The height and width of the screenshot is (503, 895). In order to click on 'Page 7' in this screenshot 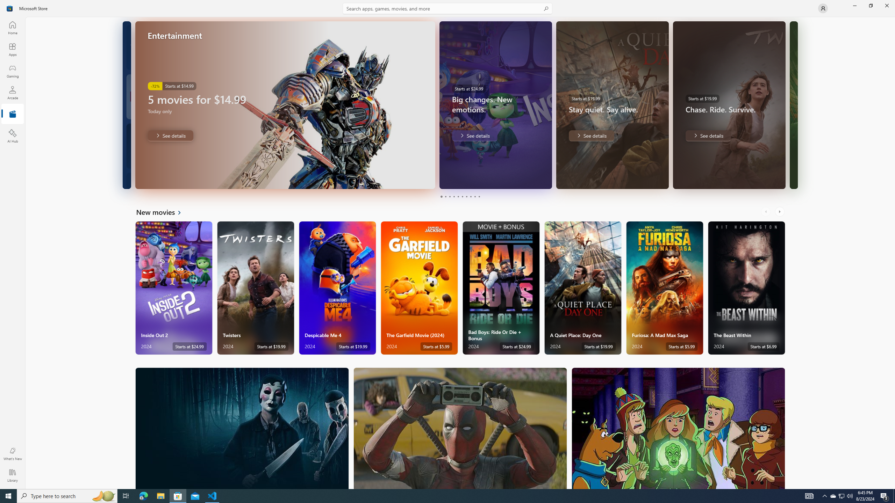, I will do `click(466, 196)`.